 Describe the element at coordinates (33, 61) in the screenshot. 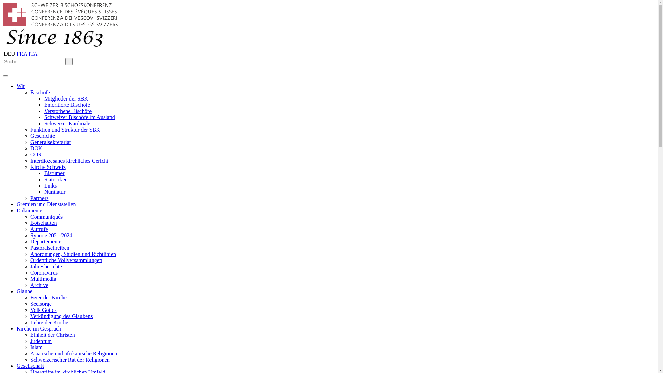

I see `'Suchen nach:'` at that location.